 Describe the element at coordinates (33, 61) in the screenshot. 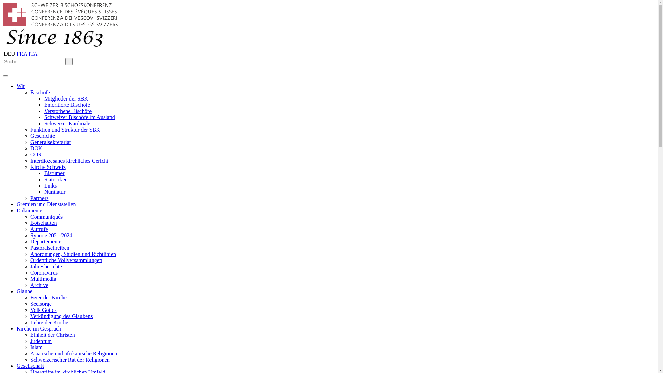

I see `'Suchen nach:'` at that location.